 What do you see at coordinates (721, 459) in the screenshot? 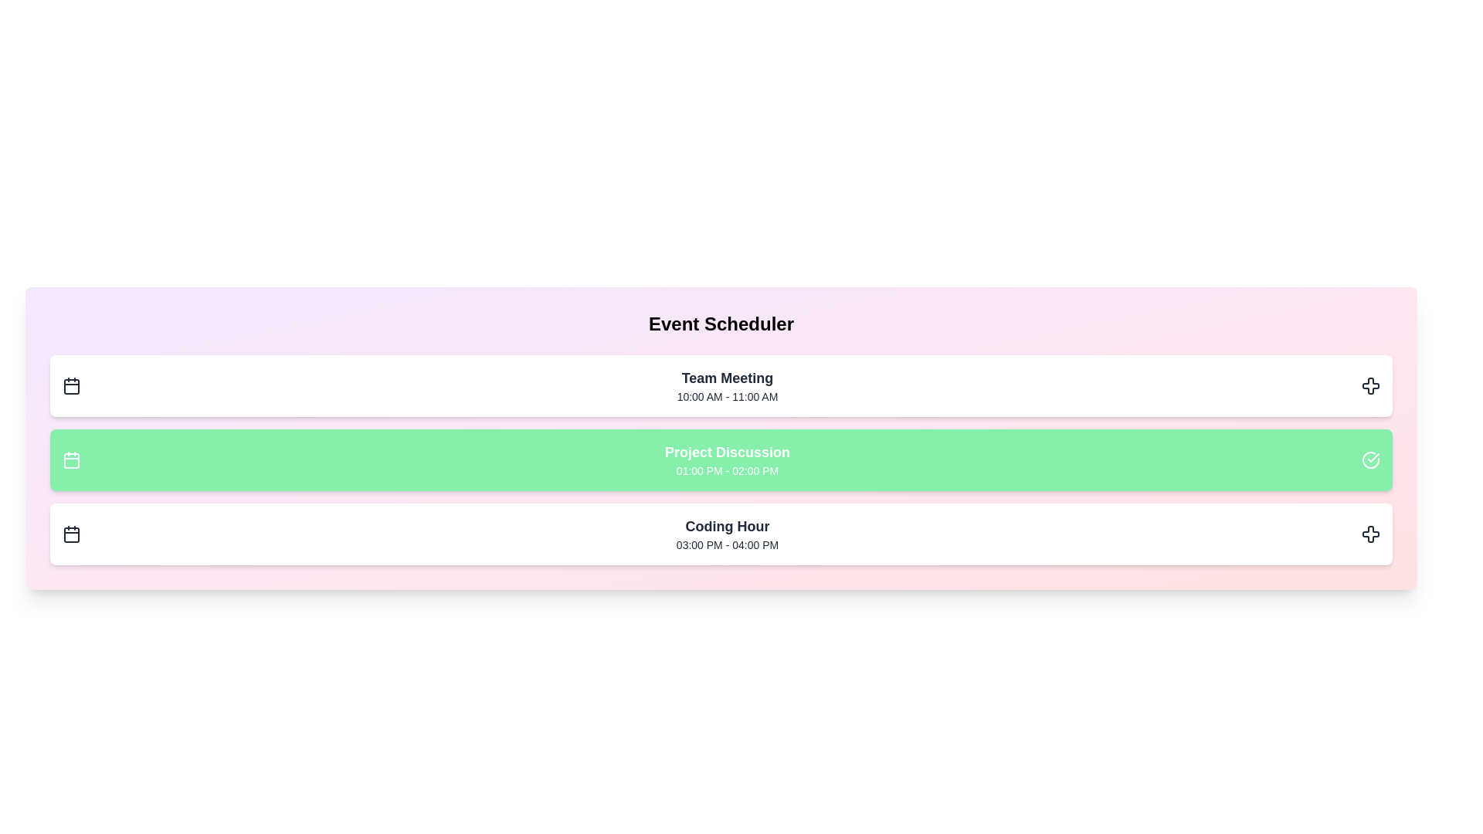
I see `the event titled 'Project Discussion' to observe the hover effect` at bounding box center [721, 459].